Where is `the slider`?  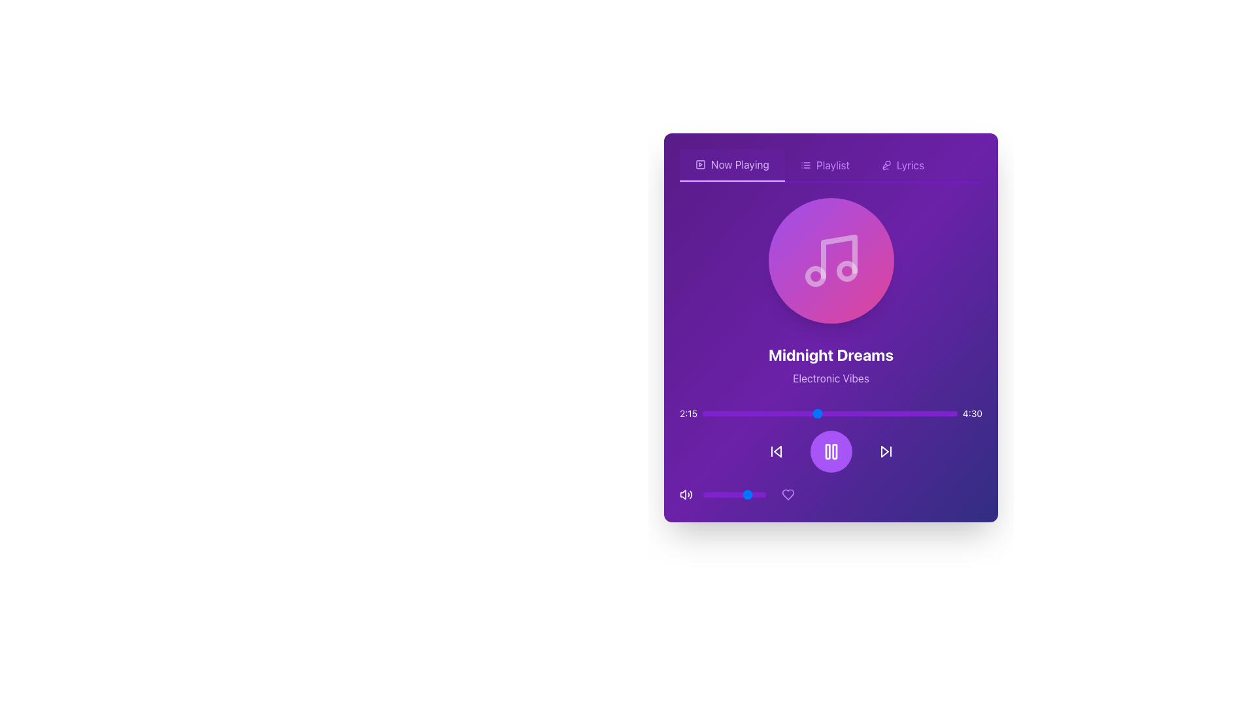
the slider is located at coordinates (863, 413).